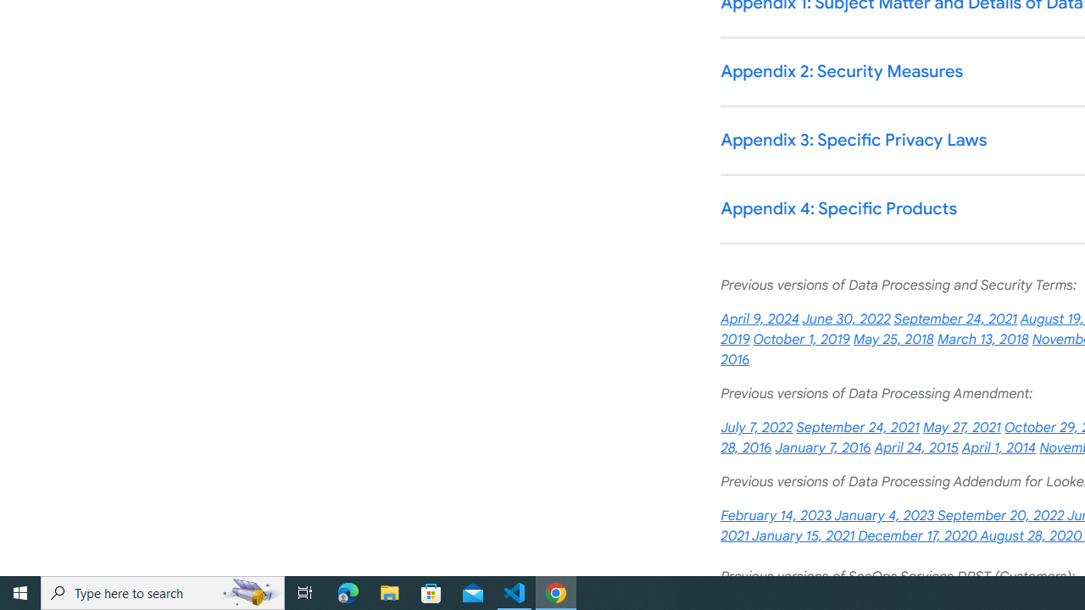  What do you see at coordinates (961, 427) in the screenshot?
I see `'May 27, 2021'` at bounding box center [961, 427].